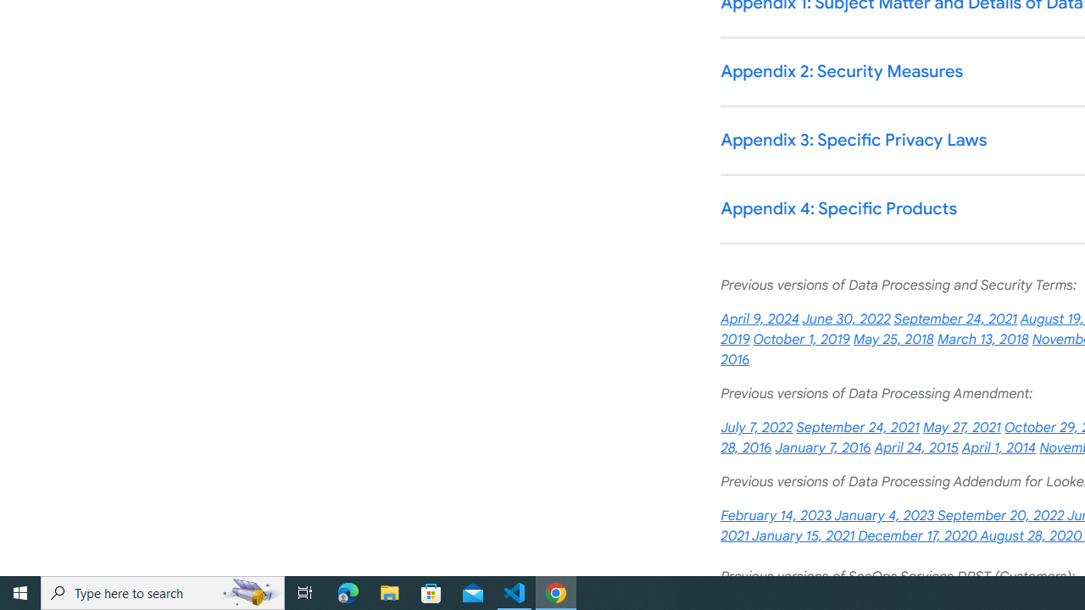  What do you see at coordinates (961, 427) in the screenshot?
I see `'May 27, 2021'` at bounding box center [961, 427].